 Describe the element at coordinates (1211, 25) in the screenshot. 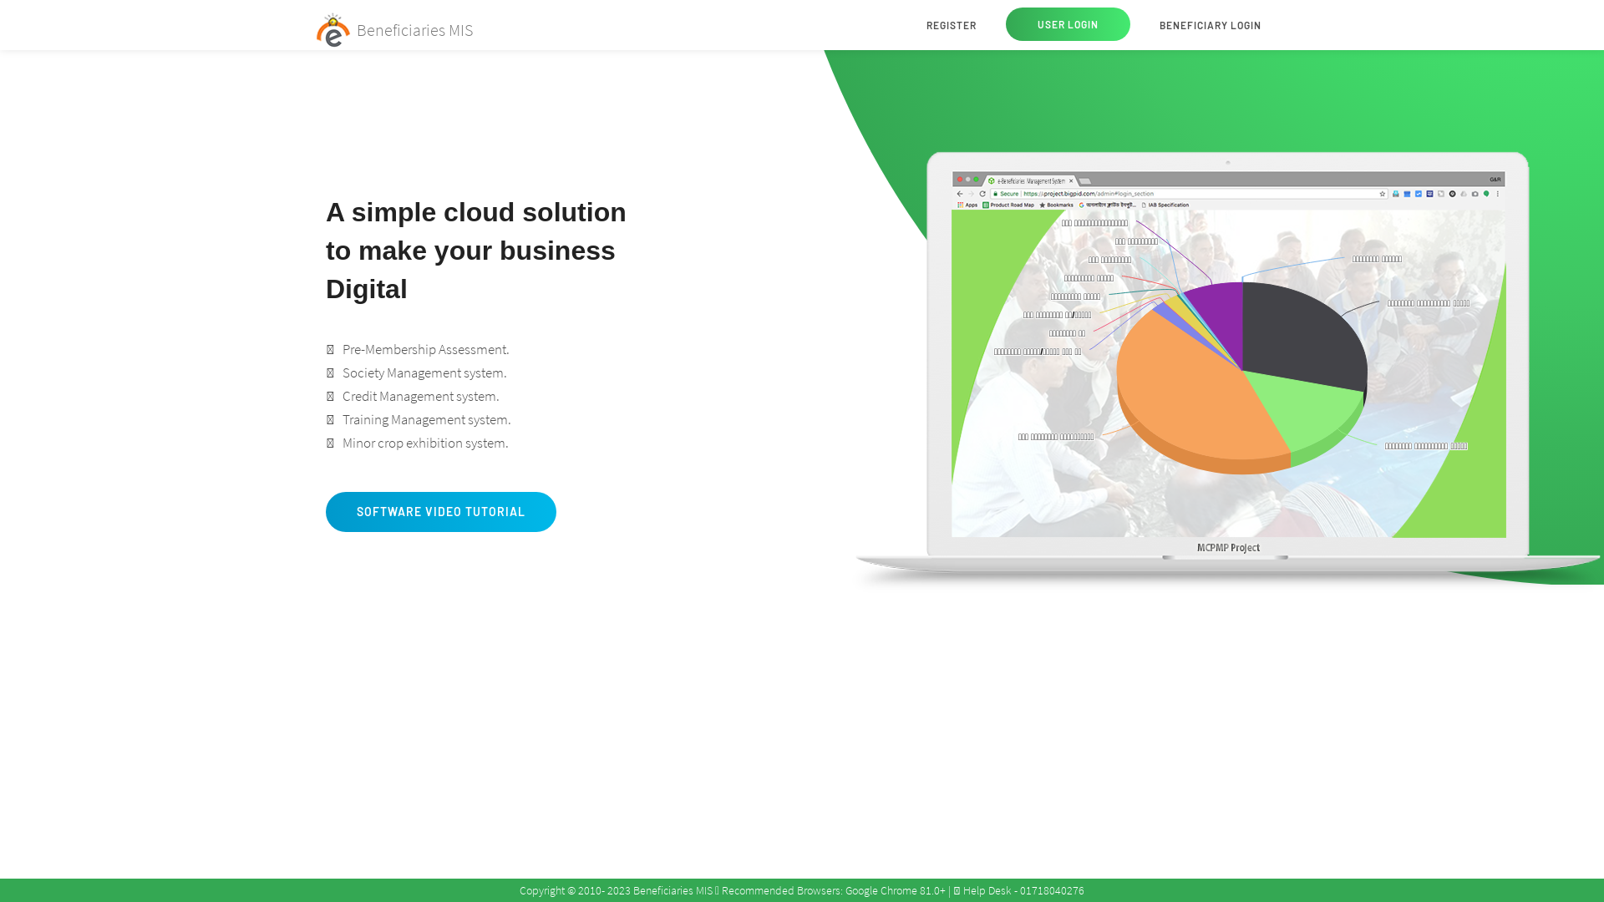

I see `'BENEFICIARY LOGIN'` at that location.